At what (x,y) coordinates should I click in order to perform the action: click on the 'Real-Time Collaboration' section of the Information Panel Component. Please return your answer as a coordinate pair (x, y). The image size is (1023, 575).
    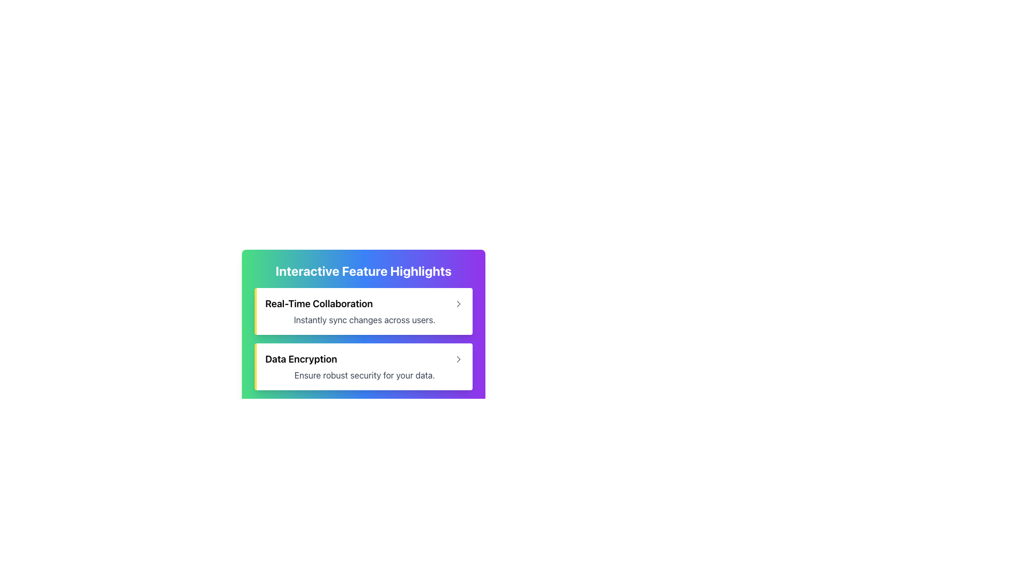
    Looking at the image, I should click on (363, 317).